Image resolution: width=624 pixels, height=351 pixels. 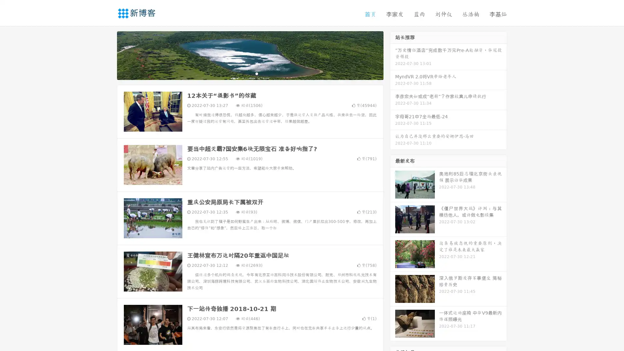 I want to click on Go to slide 2, so click(x=250, y=73).